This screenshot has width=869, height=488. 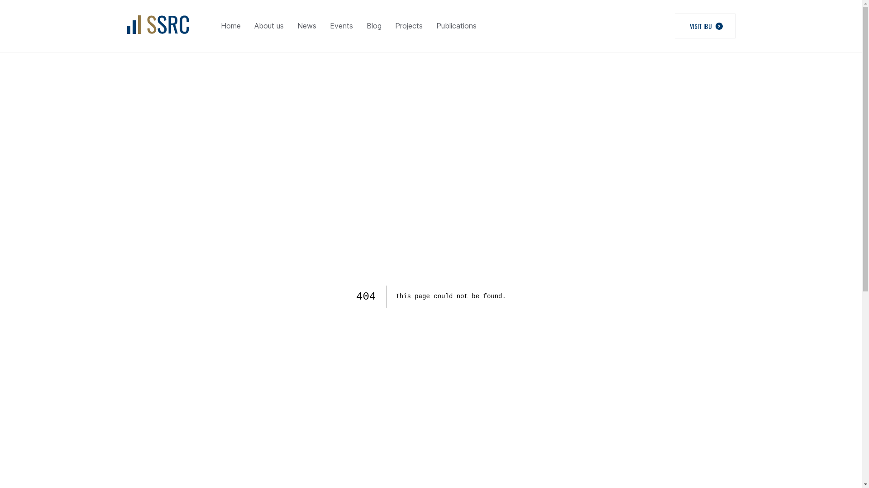 What do you see at coordinates (704, 25) in the screenshot?
I see `'VISIT IBU'` at bounding box center [704, 25].